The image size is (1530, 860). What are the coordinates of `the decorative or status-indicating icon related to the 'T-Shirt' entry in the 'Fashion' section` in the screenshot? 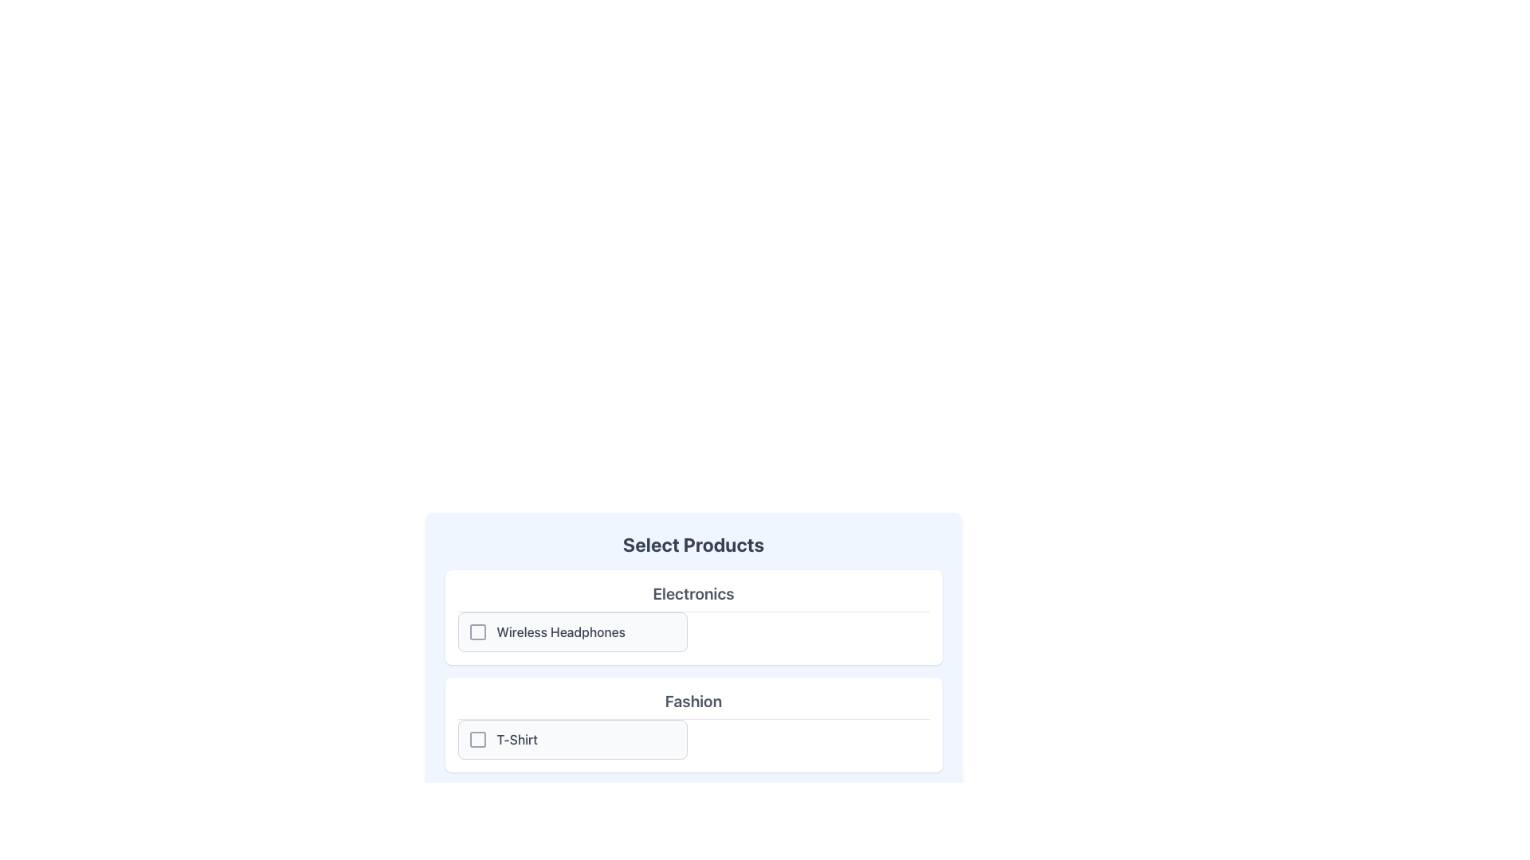 It's located at (477, 740).